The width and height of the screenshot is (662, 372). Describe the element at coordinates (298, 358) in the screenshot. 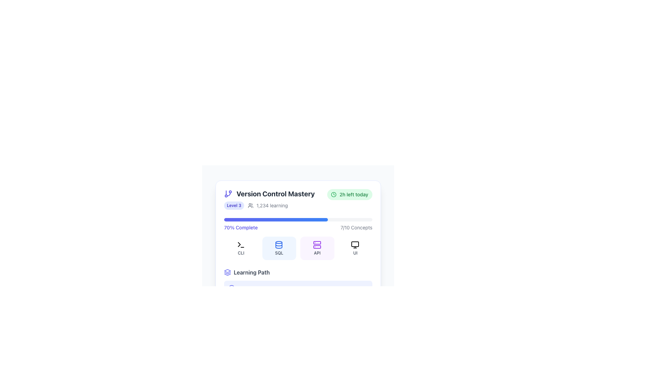

I see `the descriptive text label located at the bottom edge of the vertically centered card-like structure with rounded corners and a white background` at that location.